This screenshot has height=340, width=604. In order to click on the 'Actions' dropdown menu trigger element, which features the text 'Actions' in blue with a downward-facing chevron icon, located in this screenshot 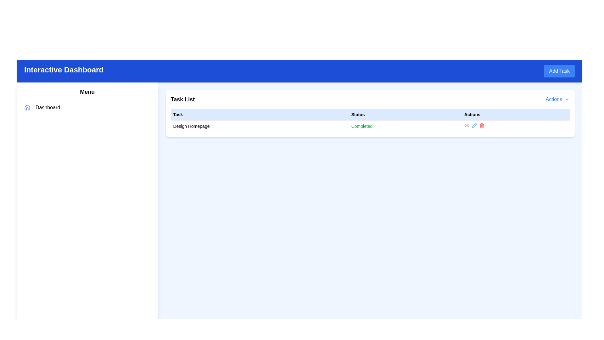, I will do `click(557, 99)`.